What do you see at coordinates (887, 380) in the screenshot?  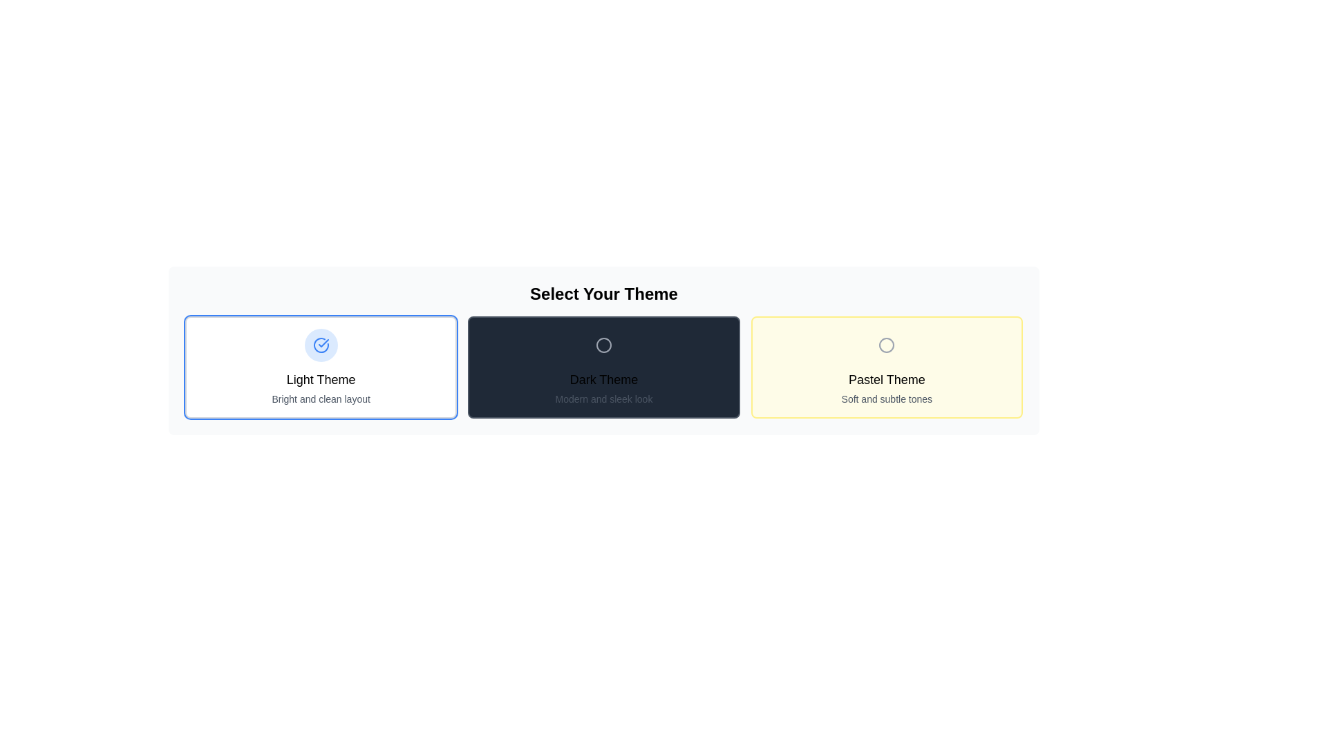 I see `the 'Pastel Theme' text label, which distinguishes this theme option visually and is located in the third column of theme selections, positioned below the icon and above the description text` at bounding box center [887, 380].